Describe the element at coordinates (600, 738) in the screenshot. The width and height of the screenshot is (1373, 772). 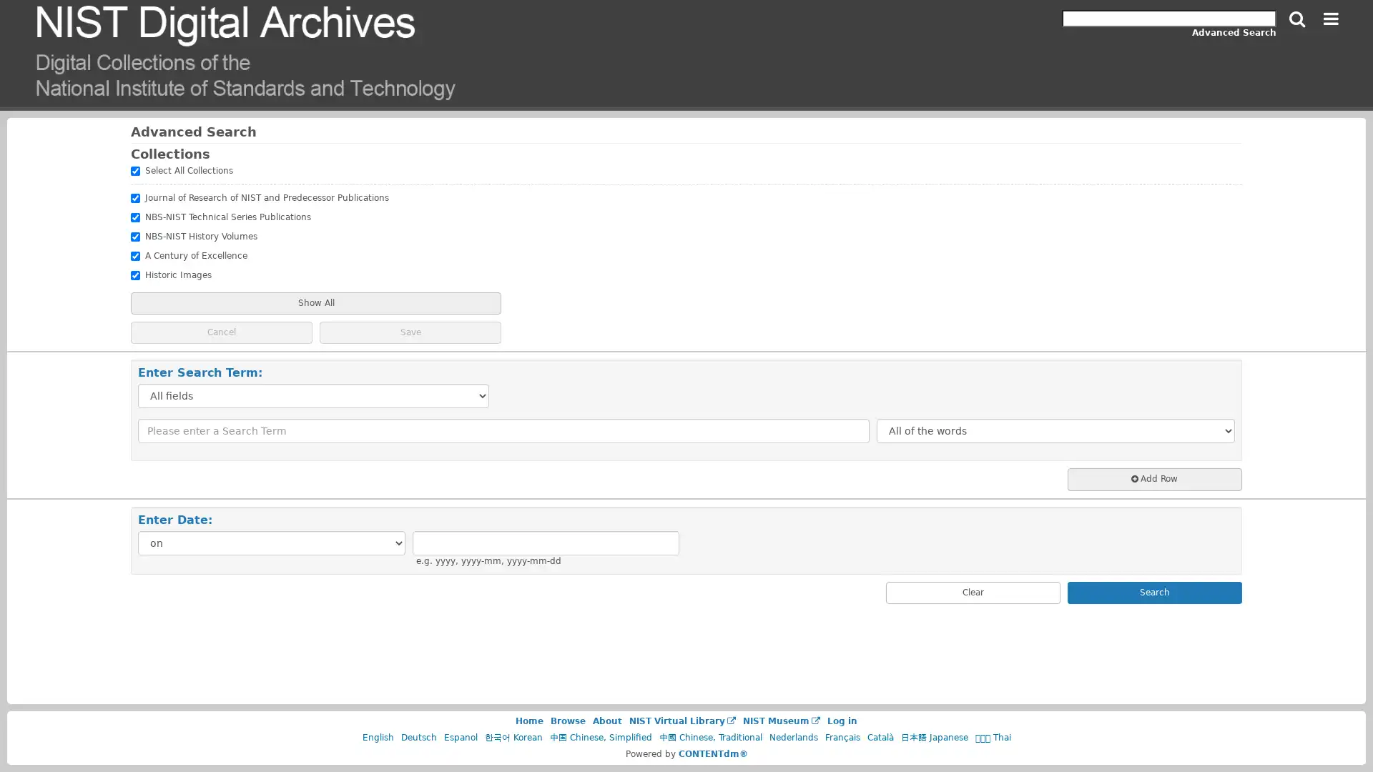
I see `Chinese, Simplified` at that location.